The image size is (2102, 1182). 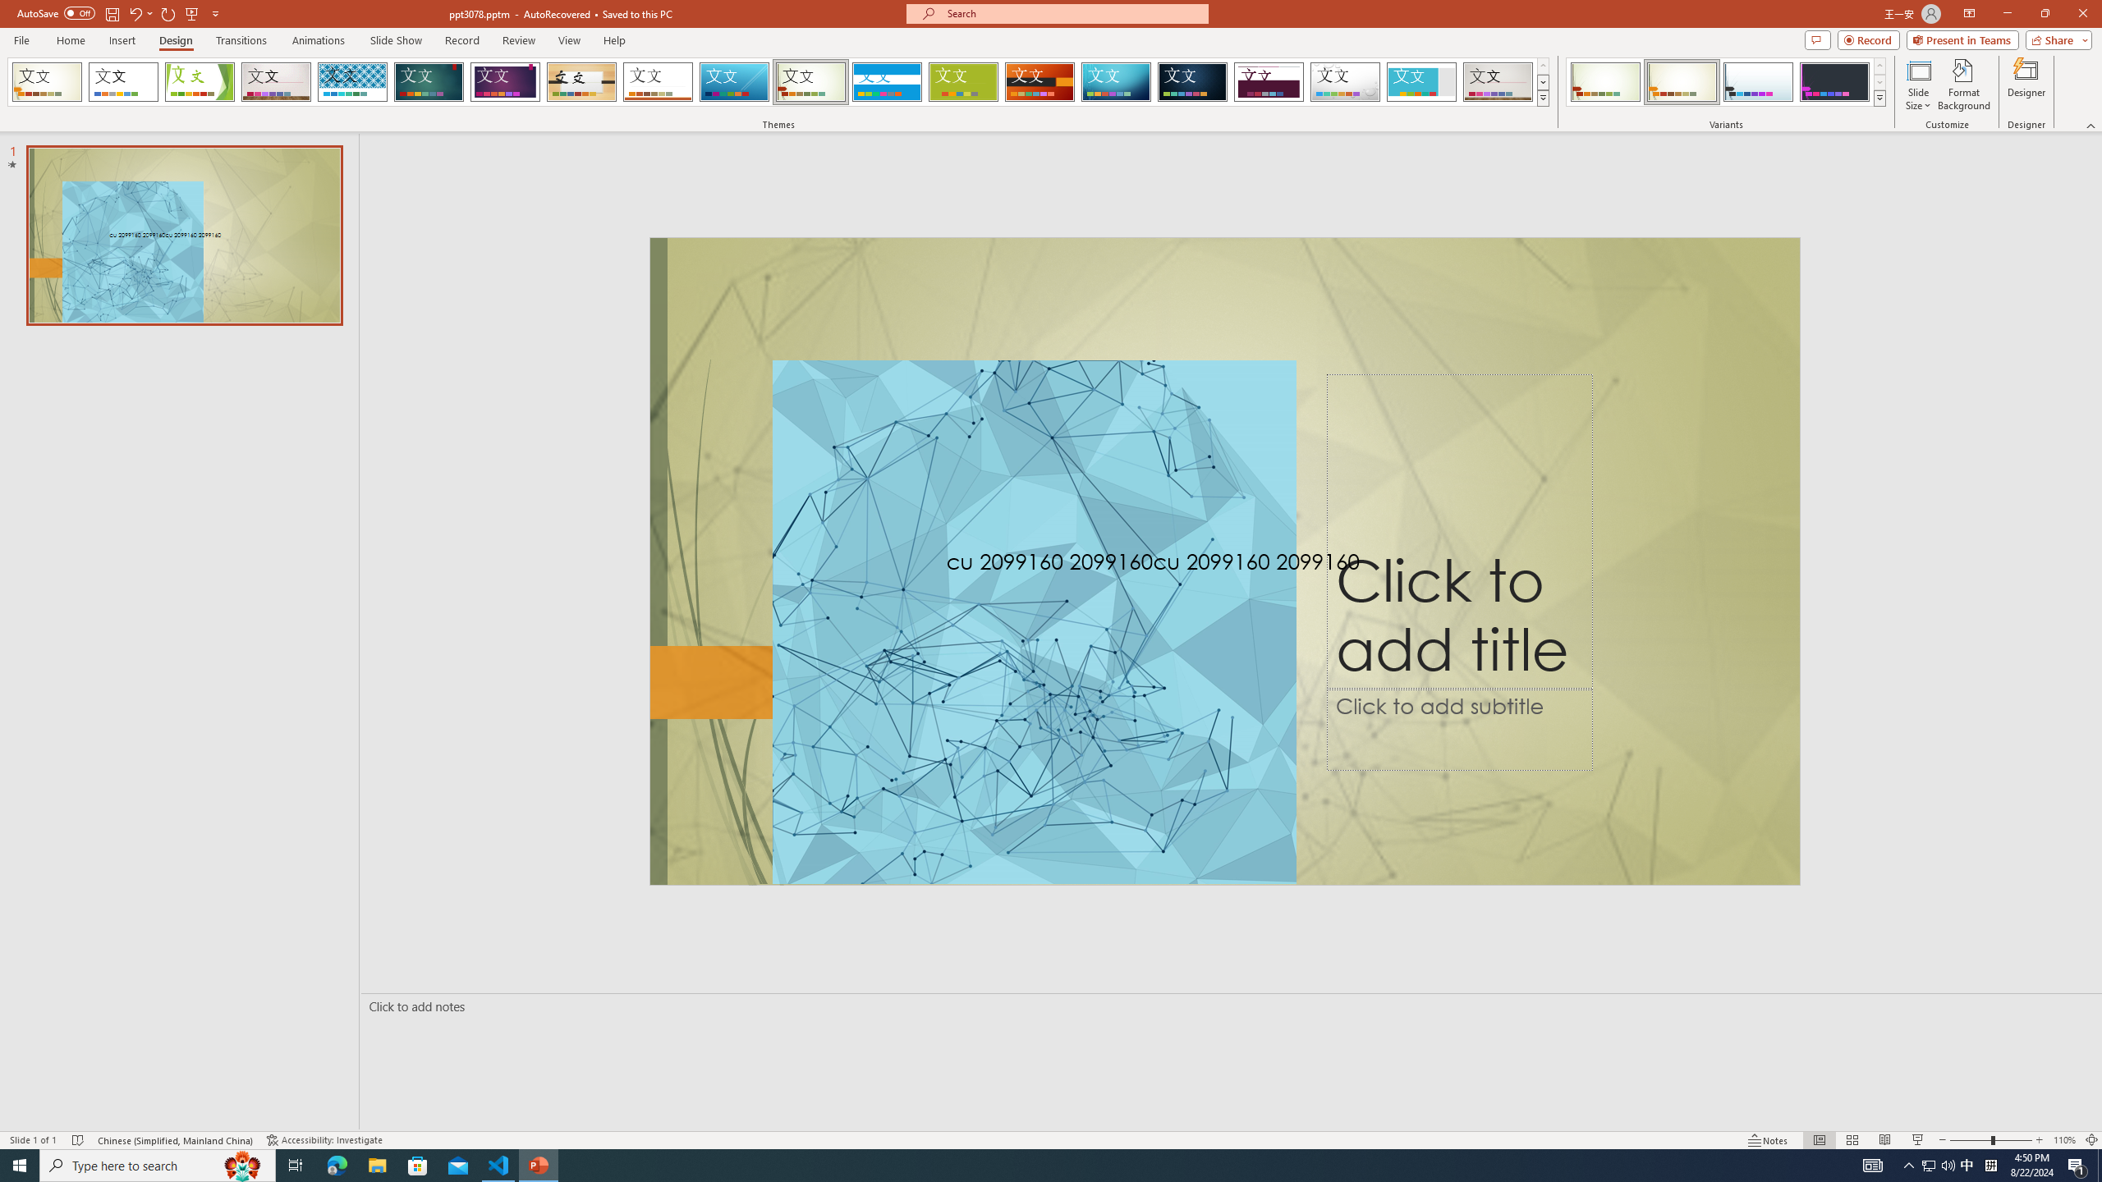 What do you see at coordinates (1543, 97) in the screenshot?
I see `'Themes'` at bounding box center [1543, 97].